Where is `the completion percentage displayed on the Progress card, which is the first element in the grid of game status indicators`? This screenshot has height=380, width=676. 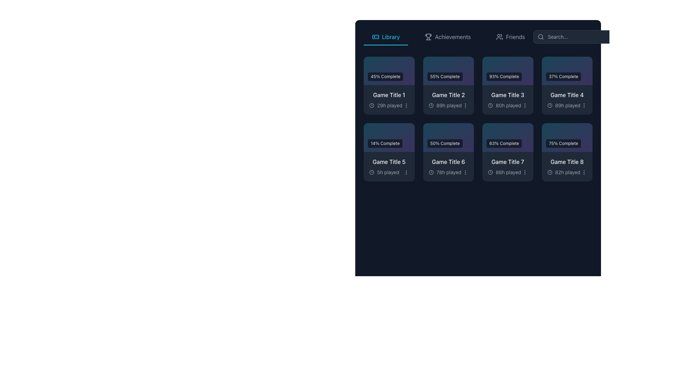 the completion percentage displayed on the Progress card, which is the first element in the grid of game status indicators is located at coordinates (389, 71).